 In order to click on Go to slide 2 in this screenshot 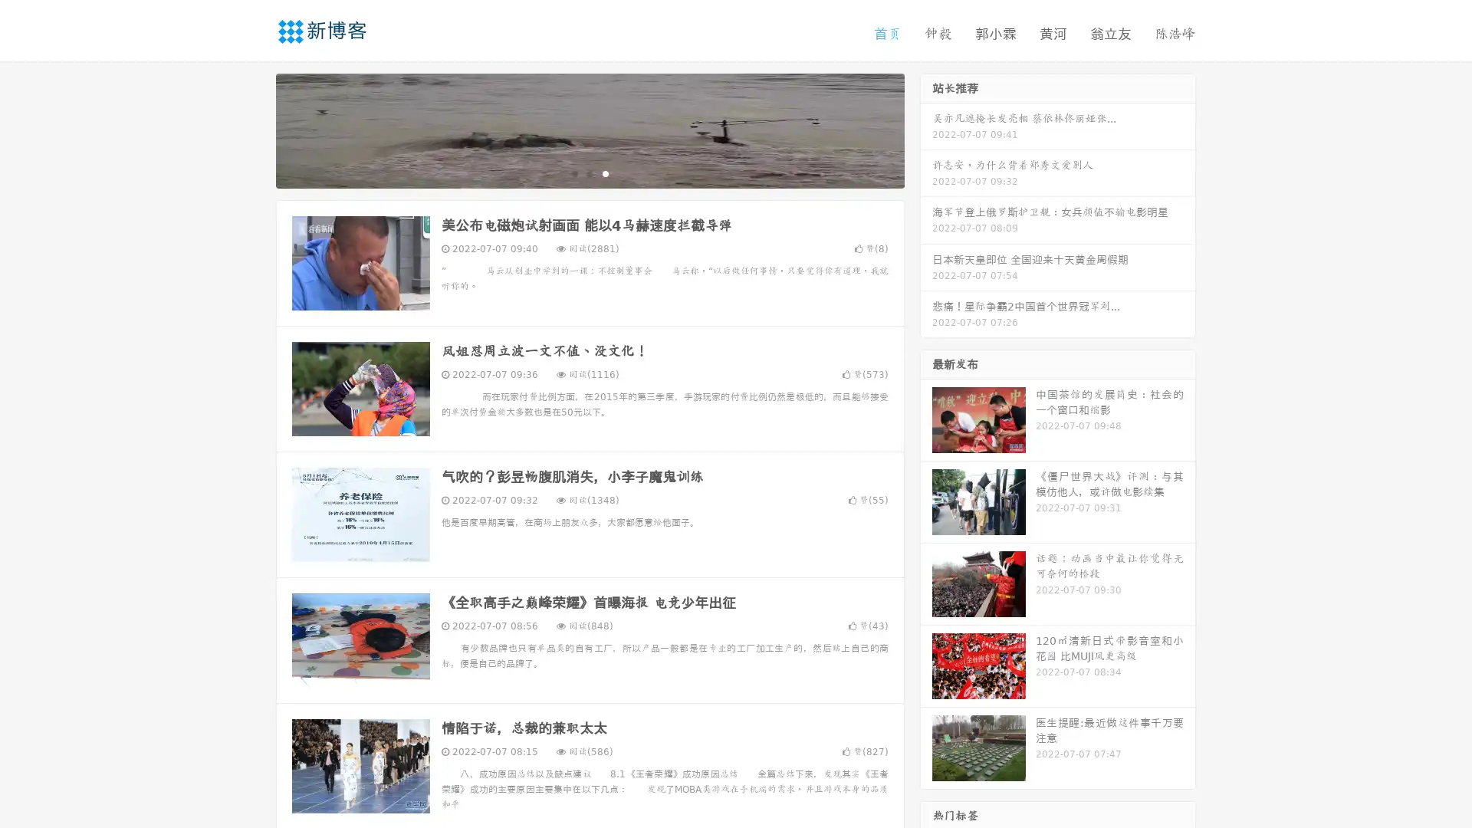, I will do `click(589, 172)`.